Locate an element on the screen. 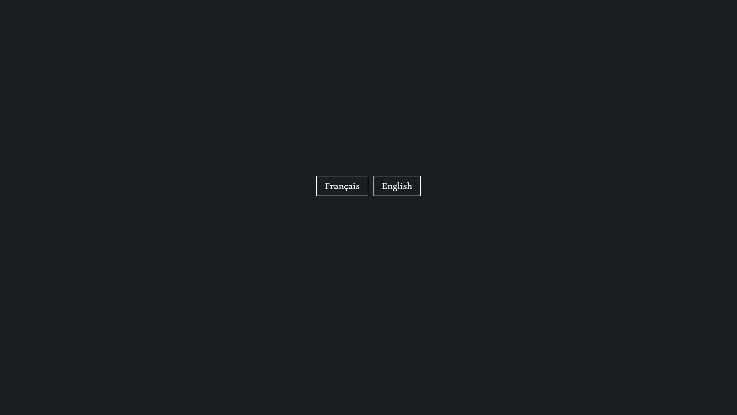  'English' is located at coordinates (373, 186).